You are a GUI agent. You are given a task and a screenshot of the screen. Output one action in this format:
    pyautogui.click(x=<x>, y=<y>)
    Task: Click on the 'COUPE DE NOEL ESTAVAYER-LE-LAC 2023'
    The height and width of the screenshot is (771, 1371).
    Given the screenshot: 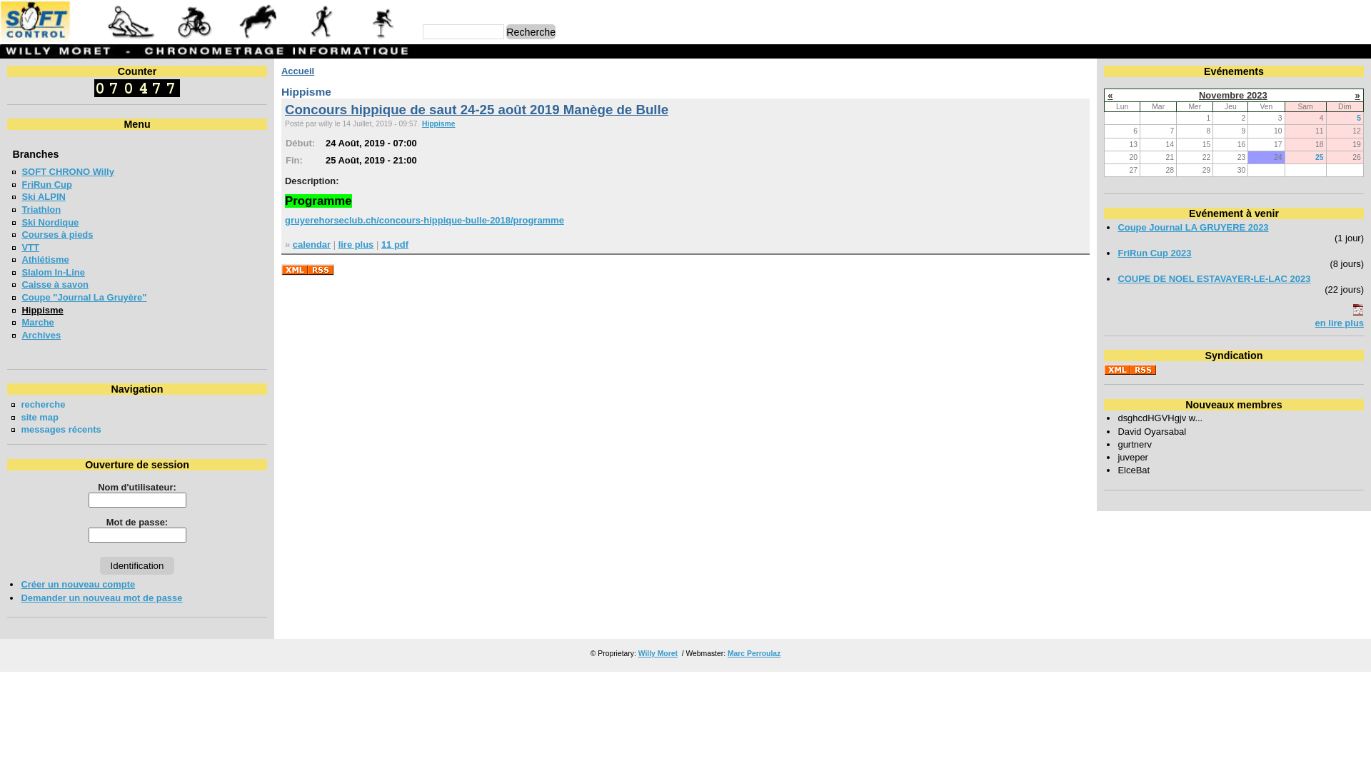 What is the action you would take?
    pyautogui.click(x=1212, y=278)
    